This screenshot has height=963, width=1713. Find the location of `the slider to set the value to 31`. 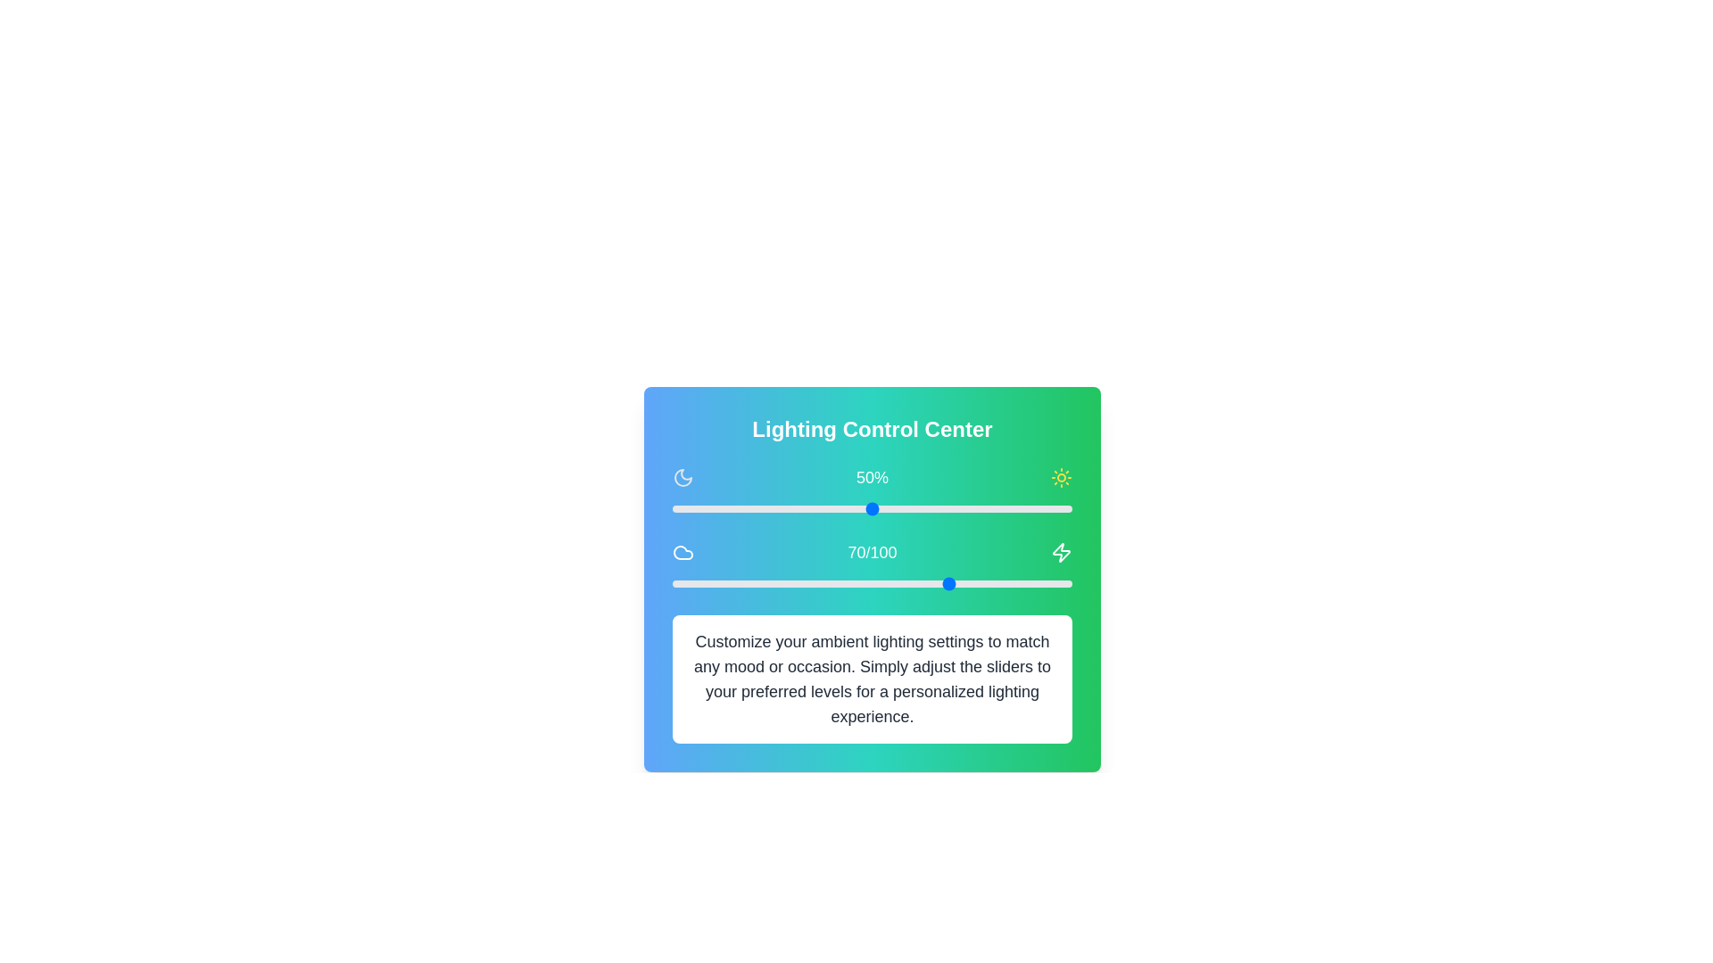

the slider to set the value to 31 is located at coordinates (795, 508).